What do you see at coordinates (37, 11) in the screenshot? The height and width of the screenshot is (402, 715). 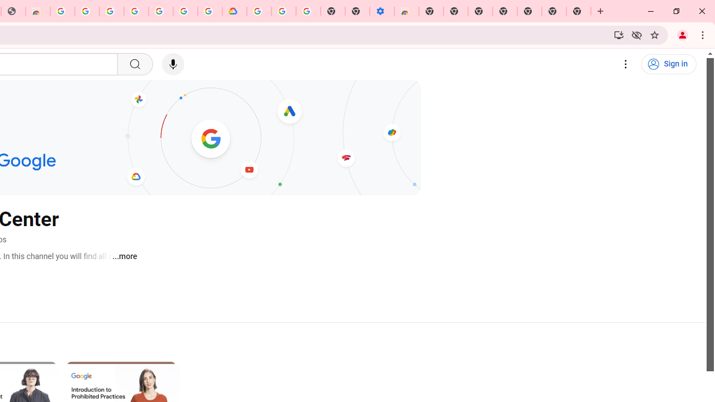 I see `'Chrome Web Store - Household'` at bounding box center [37, 11].